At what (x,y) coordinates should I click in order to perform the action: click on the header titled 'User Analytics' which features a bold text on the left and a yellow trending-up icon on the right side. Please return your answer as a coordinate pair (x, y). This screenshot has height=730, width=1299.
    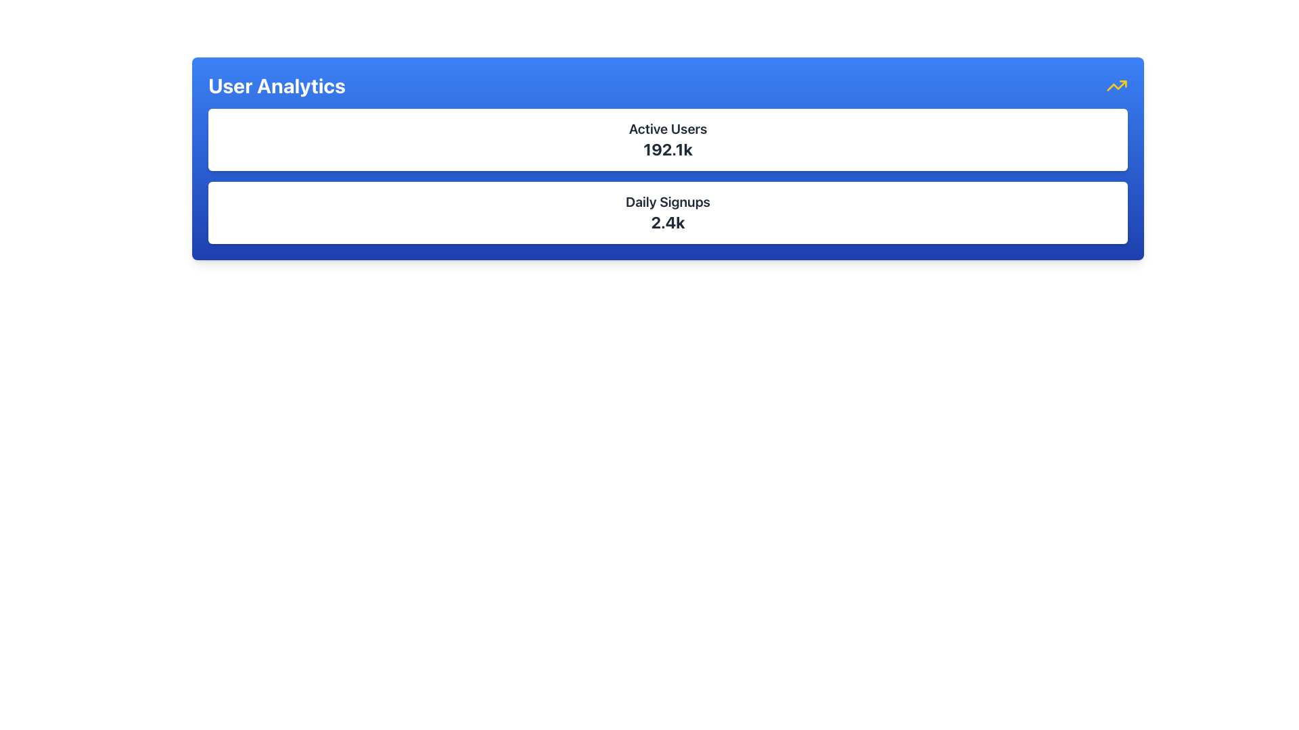
    Looking at the image, I should click on (668, 86).